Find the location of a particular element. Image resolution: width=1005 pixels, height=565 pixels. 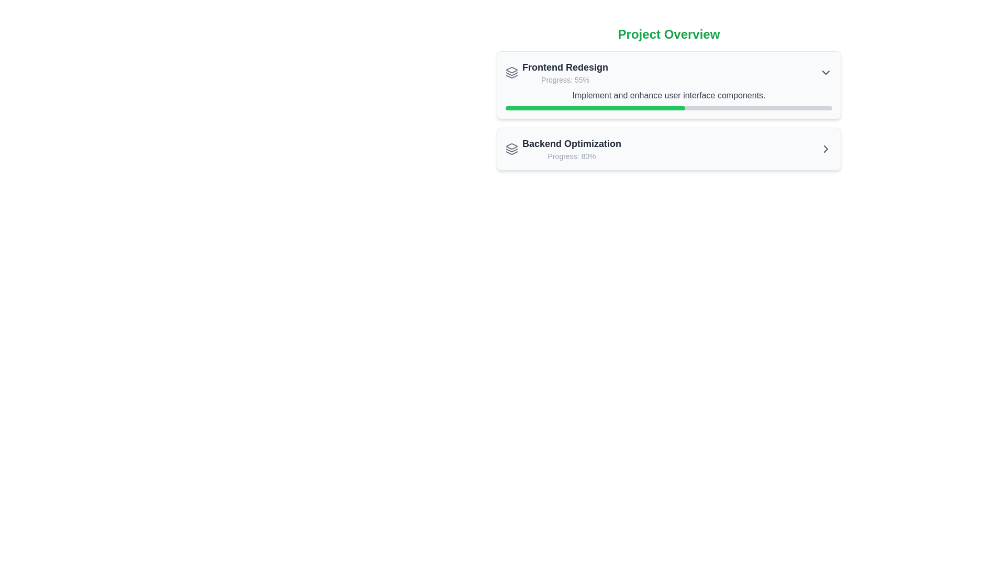

the icon associated with the 'Backend Optimization' group header, which includes a styled icon followed by the title and progress label is located at coordinates (563, 149).